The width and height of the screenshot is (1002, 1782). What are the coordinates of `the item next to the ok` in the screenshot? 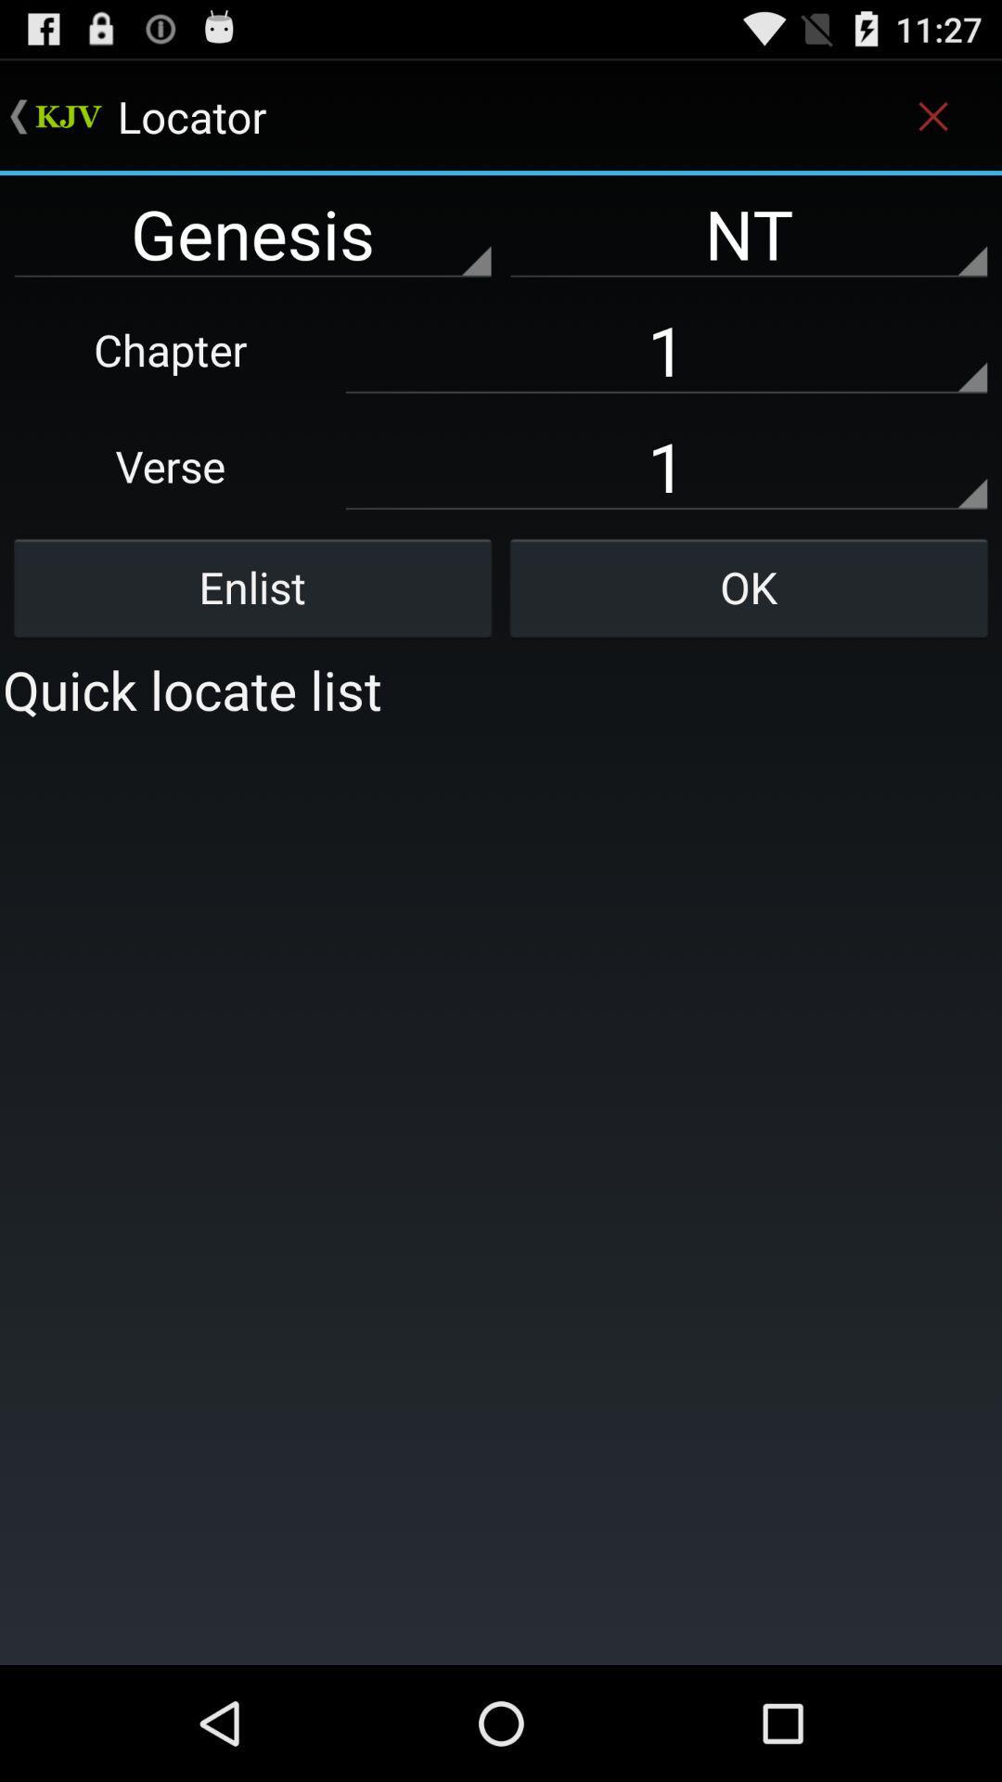 It's located at (252, 587).